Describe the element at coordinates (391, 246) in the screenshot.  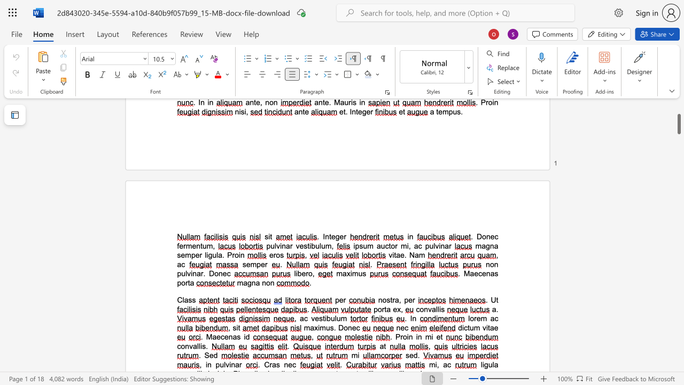
I see `the space between the continuous character "t" and "o" in the text` at that location.